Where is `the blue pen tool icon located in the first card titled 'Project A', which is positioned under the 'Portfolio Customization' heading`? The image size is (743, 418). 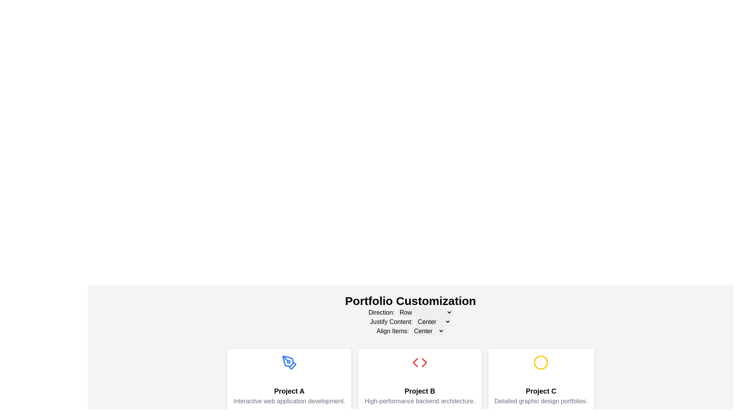
the blue pen tool icon located in the first card titled 'Project A', which is positioned under the 'Portfolio Customization' heading is located at coordinates (289, 367).